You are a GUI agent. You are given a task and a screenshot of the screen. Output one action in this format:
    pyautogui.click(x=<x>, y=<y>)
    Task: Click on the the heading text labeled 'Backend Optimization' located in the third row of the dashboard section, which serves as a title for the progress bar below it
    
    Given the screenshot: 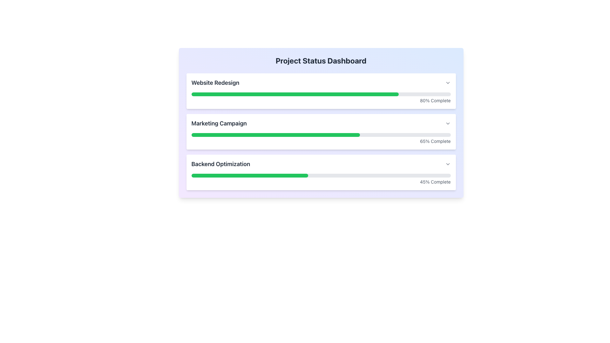 What is the action you would take?
    pyautogui.click(x=220, y=164)
    